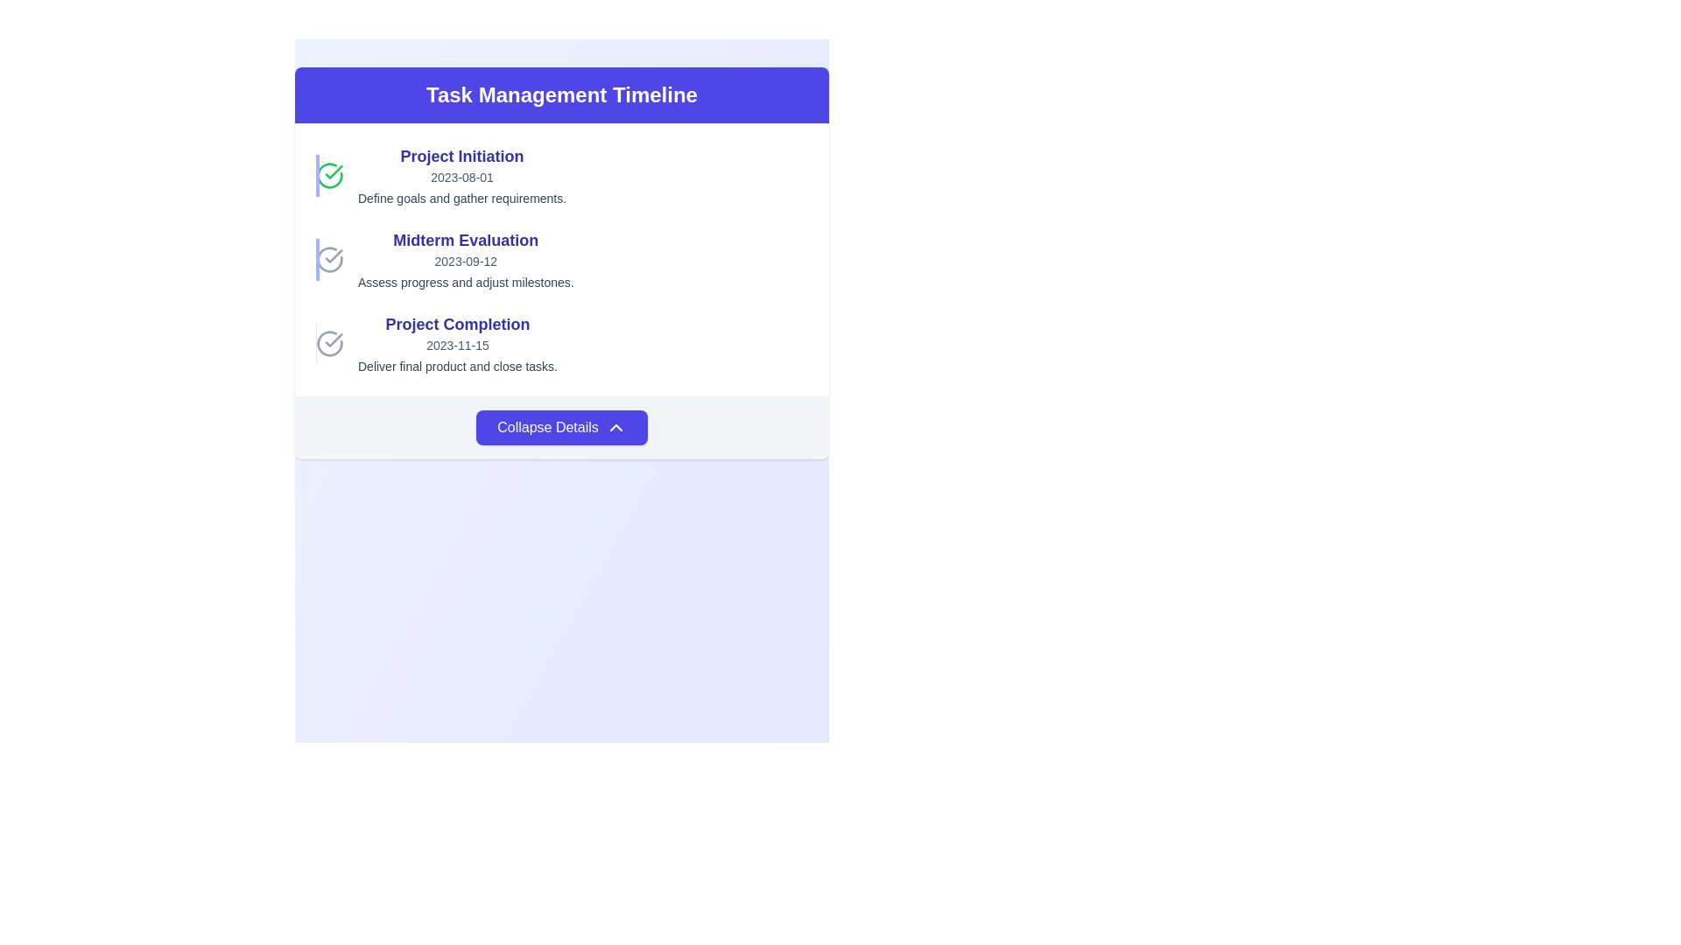 This screenshot has height=945, width=1681. I want to click on the static text element displaying '2023-09-12' in gray color, located beneath the title 'Midterm Evaluation', so click(466, 262).